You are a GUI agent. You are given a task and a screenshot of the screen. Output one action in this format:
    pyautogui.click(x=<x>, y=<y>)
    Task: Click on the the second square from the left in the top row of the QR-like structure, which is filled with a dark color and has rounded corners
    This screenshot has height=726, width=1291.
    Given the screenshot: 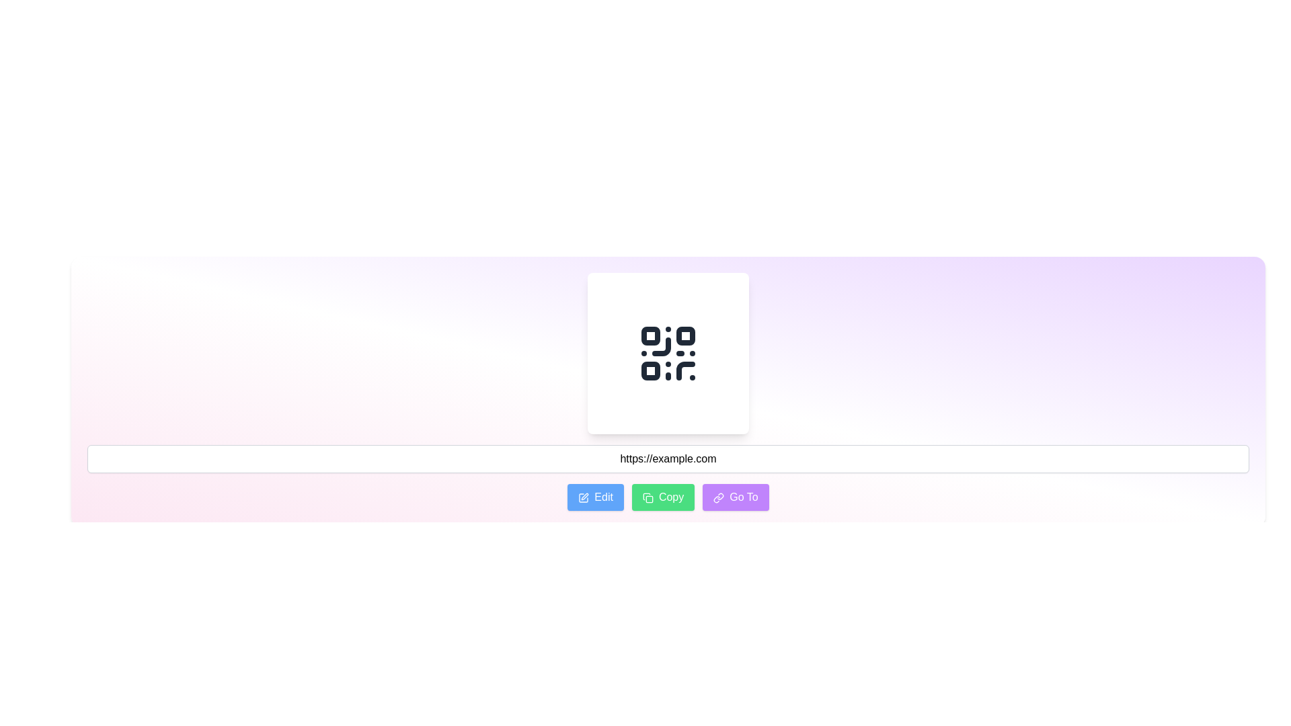 What is the action you would take?
    pyautogui.click(x=685, y=335)
    